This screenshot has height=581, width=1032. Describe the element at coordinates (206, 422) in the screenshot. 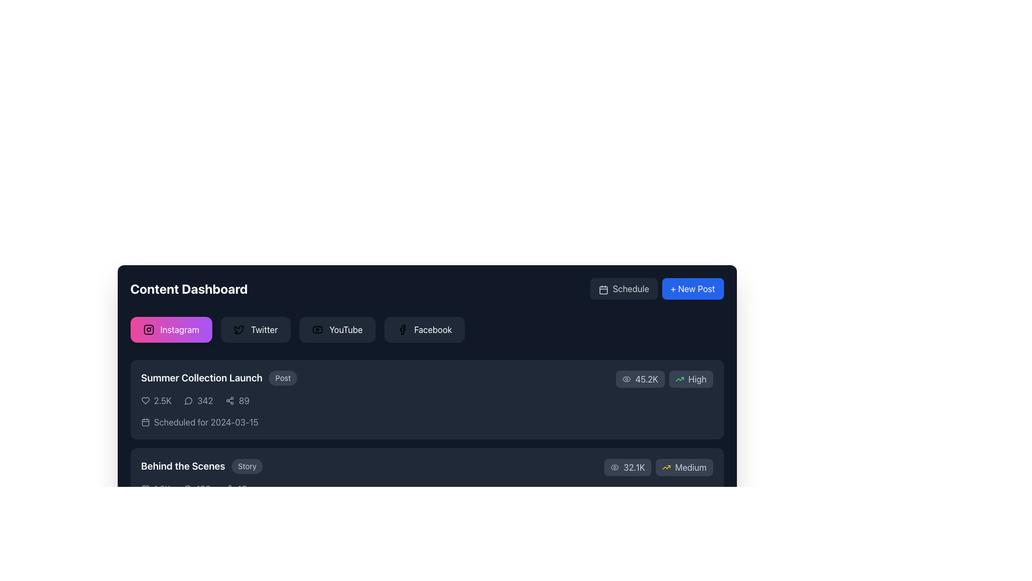

I see `the text label displaying 'Scheduled for 2024-03-15', which is located under the 'Summer Collection Launch' heading and next to a small calendar icon` at that location.